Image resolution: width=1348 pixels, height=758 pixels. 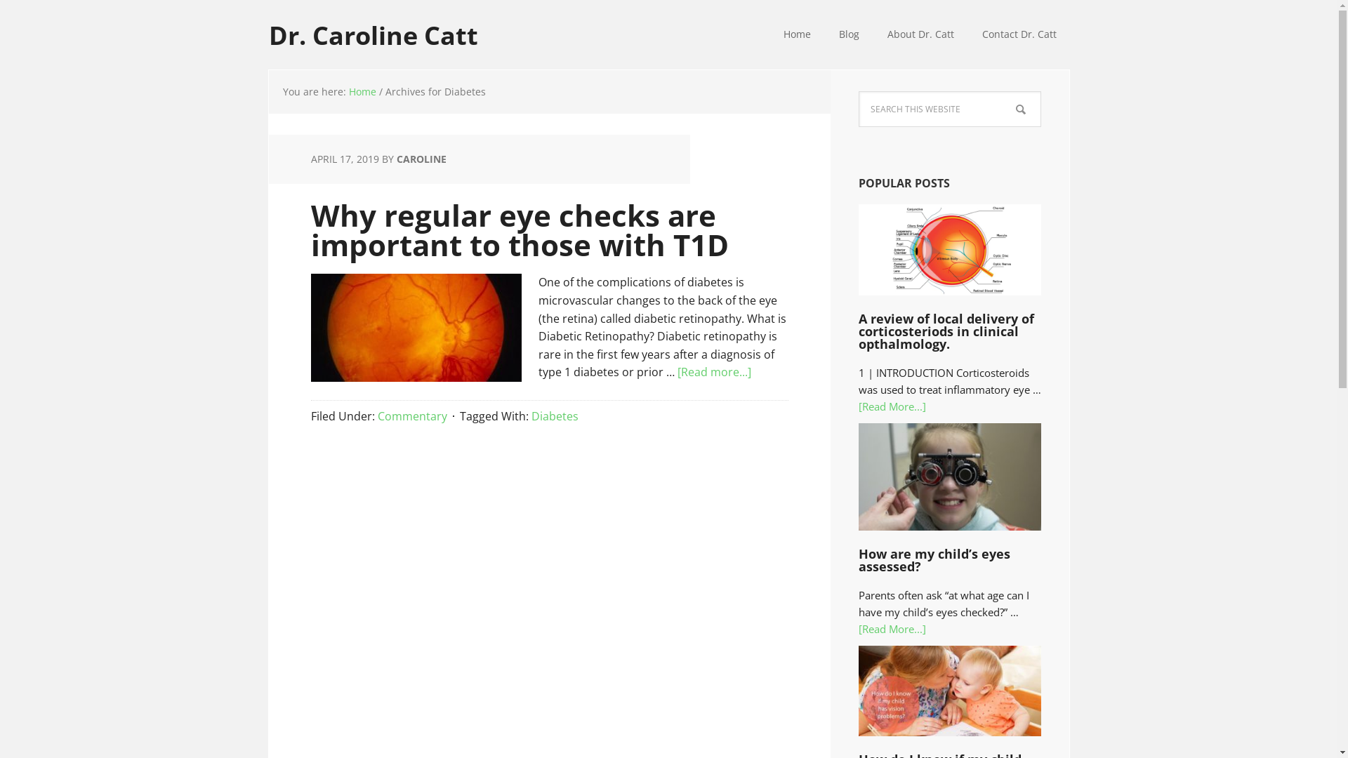 I want to click on 'Contact Dr. Catt', so click(x=1018, y=34).